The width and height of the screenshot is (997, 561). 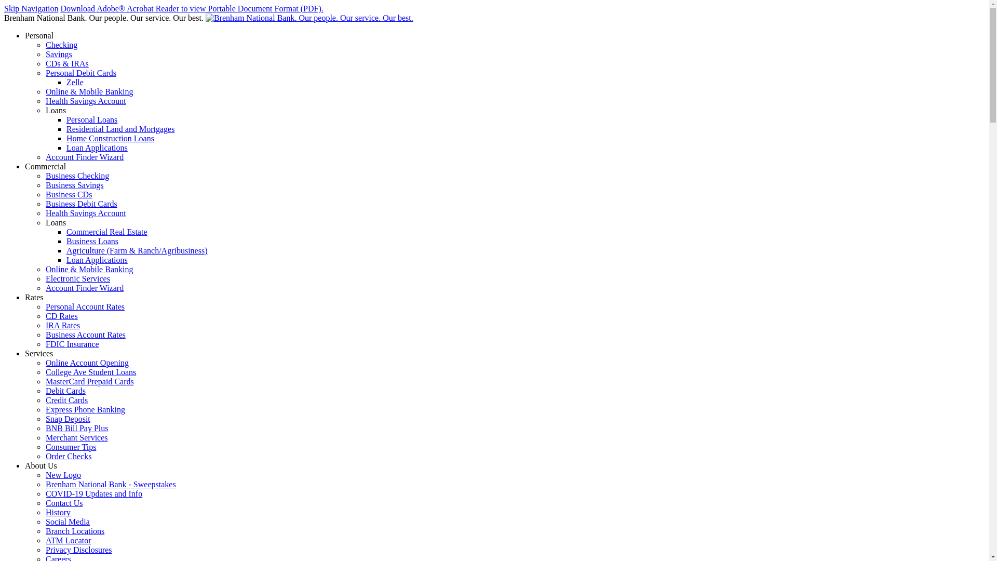 I want to click on 'COVID-19 Updates and Info', so click(x=94, y=493).